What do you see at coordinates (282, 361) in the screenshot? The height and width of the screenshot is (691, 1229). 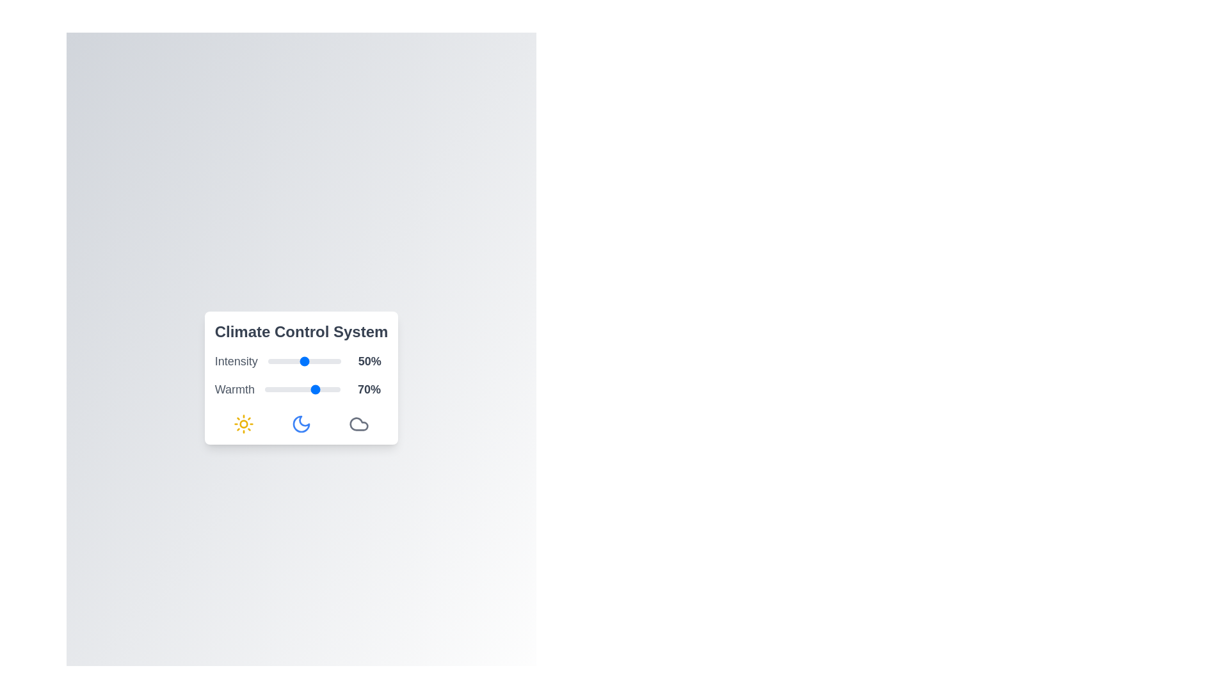 I see `the 'Intensity' slider to 21%` at bounding box center [282, 361].